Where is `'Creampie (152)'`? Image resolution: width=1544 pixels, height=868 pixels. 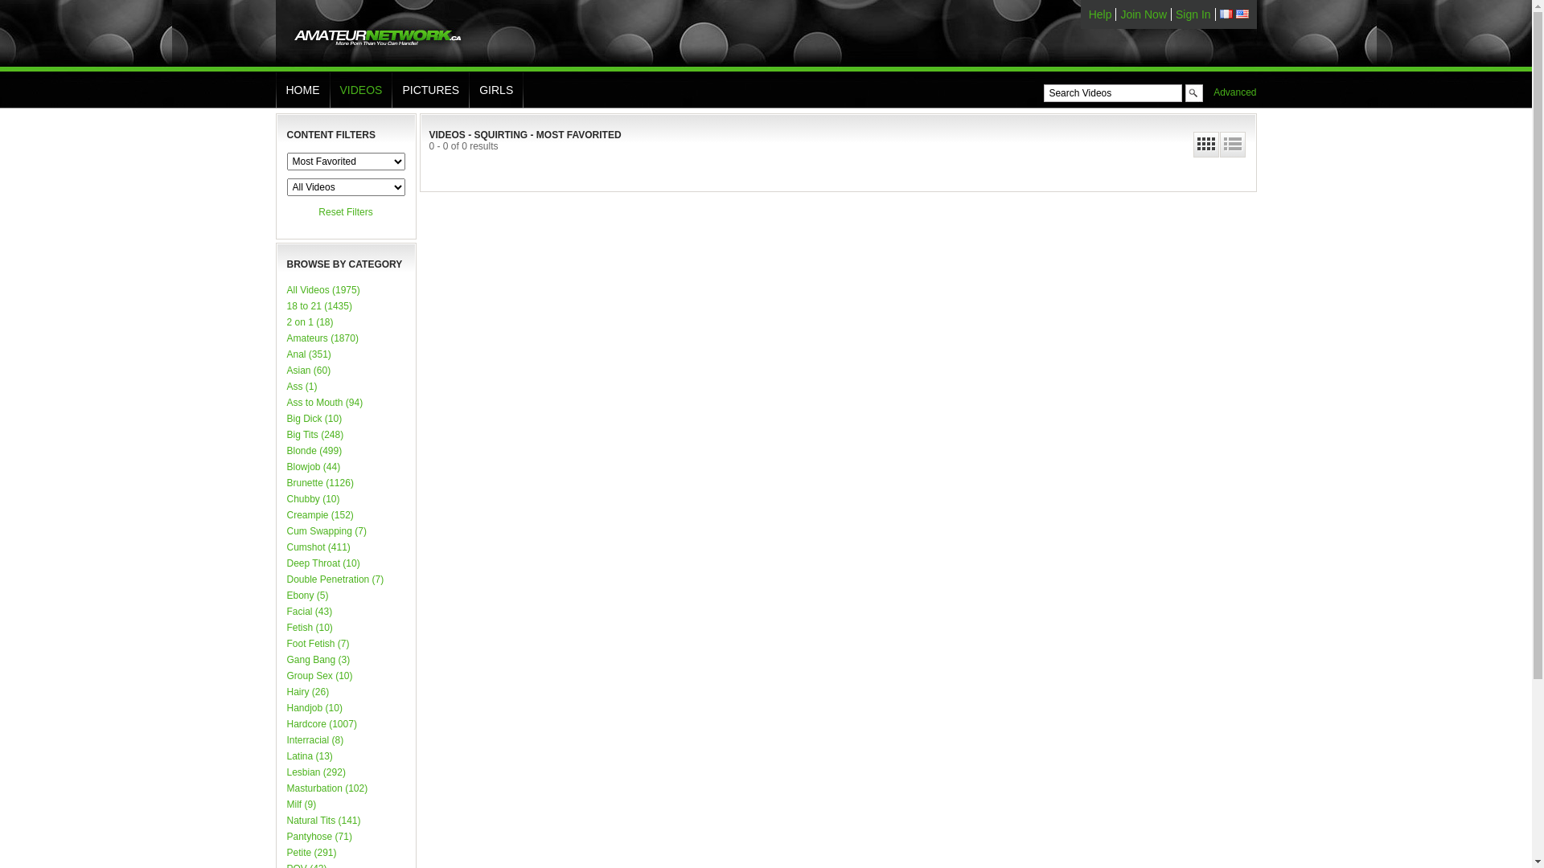 'Creampie (152)' is located at coordinates (344, 514).